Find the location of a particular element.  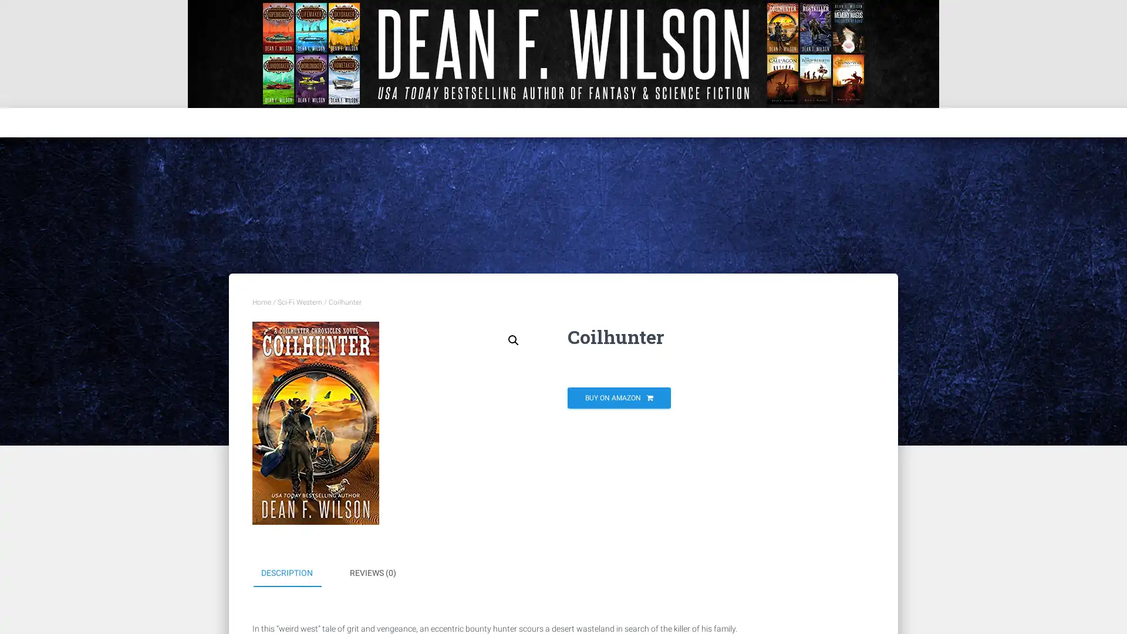

BUY ON AMAZON is located at coordinates (619, 397).